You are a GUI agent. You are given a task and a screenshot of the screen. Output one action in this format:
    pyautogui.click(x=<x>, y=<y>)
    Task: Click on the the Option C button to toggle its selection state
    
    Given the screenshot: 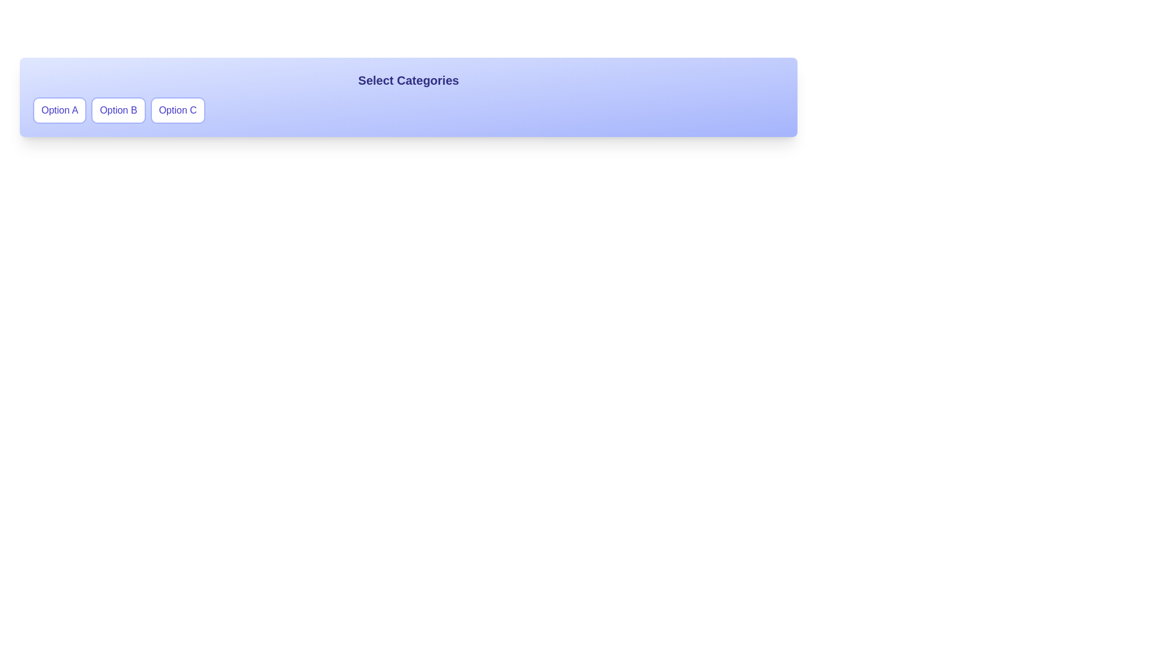 What is the action you would take?
    pyautogui.click(x=177, y=111)
    